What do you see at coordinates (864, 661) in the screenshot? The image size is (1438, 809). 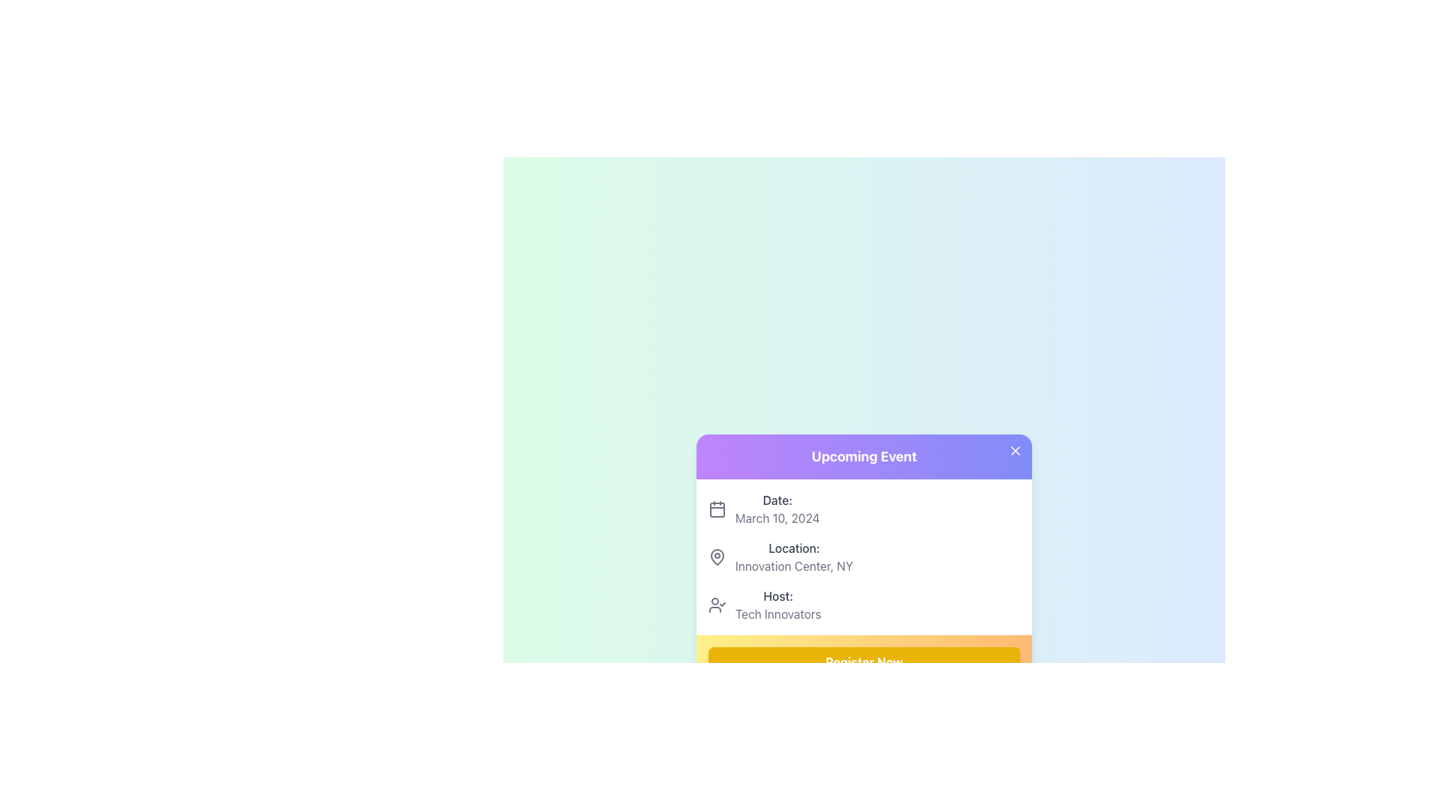 I see `the 'Register Now' button, which is located at the bottom of the 'Upcoming Event' card, to register` at bounding box center [864, 661].